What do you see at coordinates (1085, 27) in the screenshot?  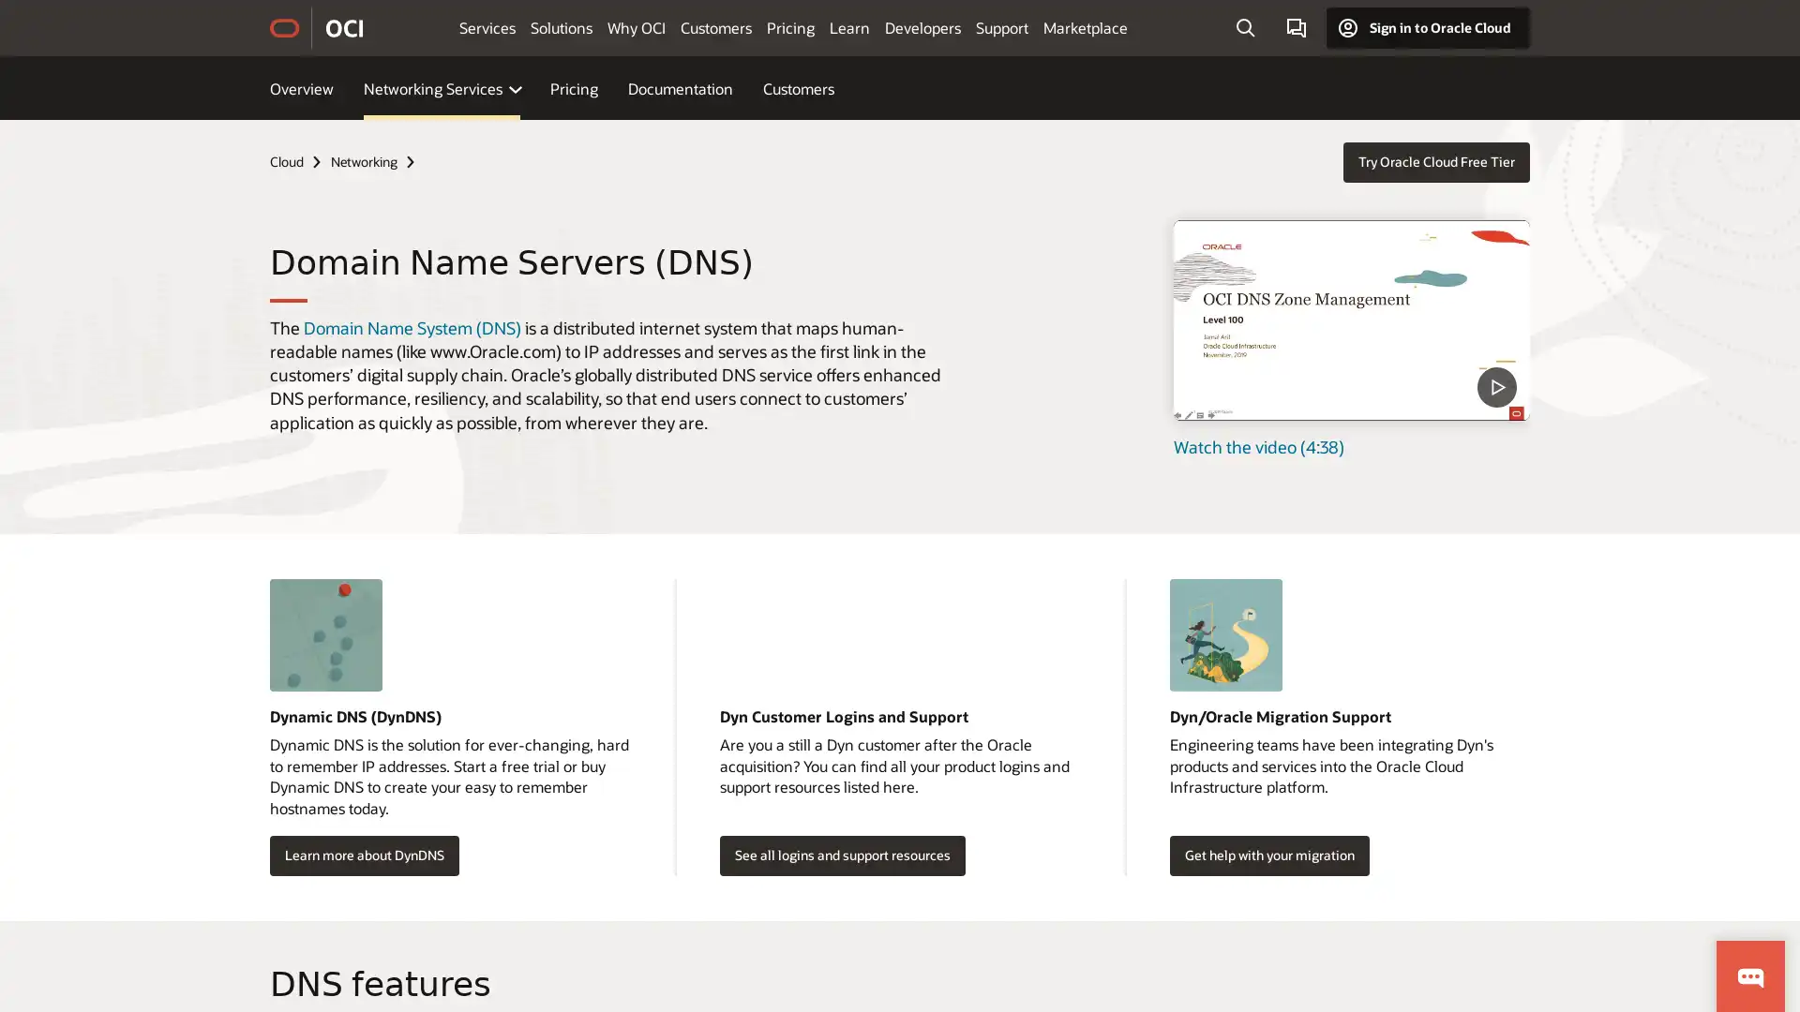 I see `Marketplace` at bounding box center [1085, 27].